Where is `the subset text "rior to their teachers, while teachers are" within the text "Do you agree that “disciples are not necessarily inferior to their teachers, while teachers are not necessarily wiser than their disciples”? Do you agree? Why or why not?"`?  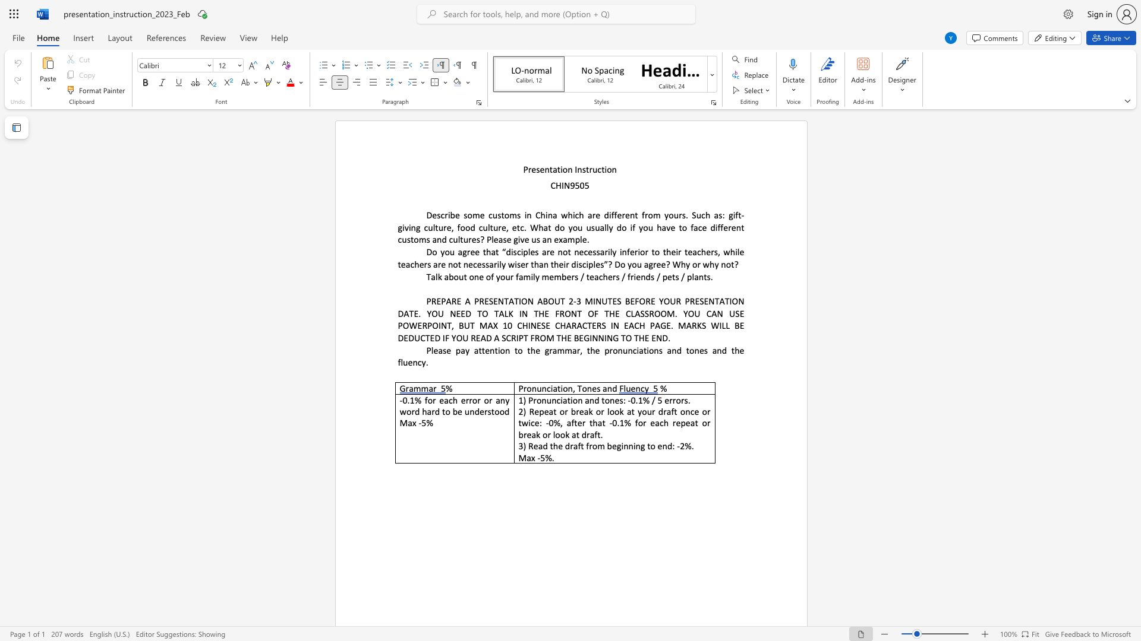
the subset text "rior to their teachers, while teachers are" within the text "Do you agree that “disciples are not necessarily inferior to their teachers, while teachers are not necessarily wiser than their disciples”? Do you agree? Why or why not?" is located at coordinates (633, 251).